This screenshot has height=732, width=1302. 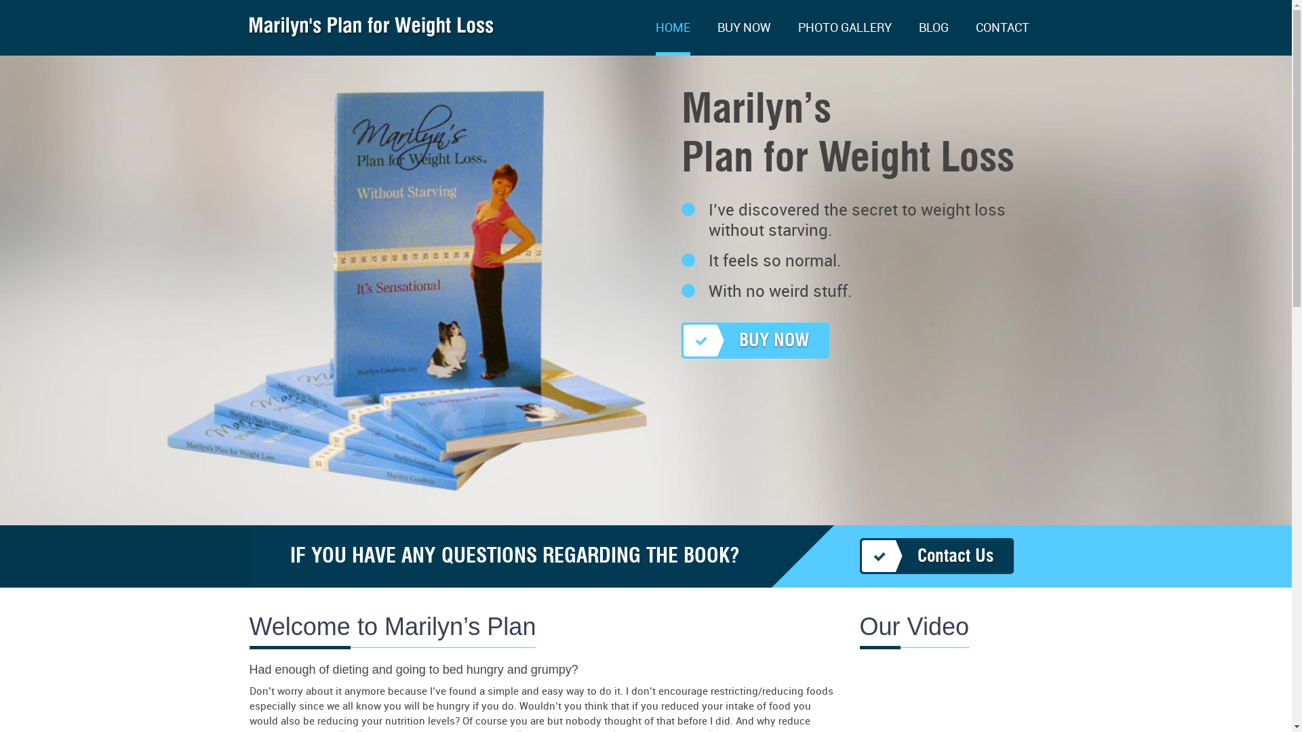 What do you see at coordinates (974, 38) in the screenshot?
I see `'CONTACT'` at bounding box center [974, 38].